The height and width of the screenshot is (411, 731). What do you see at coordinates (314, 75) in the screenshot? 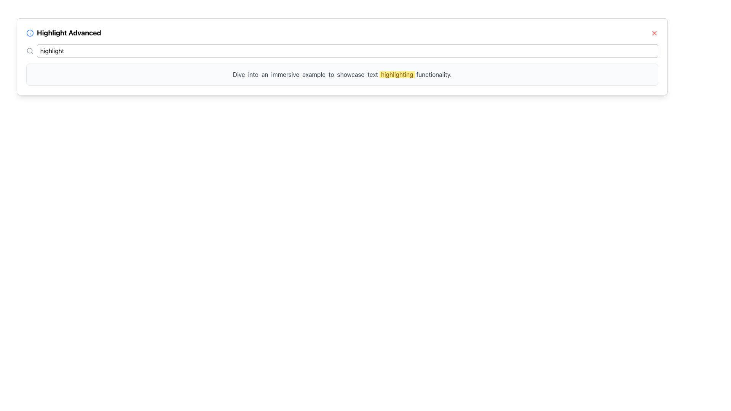
I see `the static text element that is the fifth word in the sentence starting with 'Dive into an immersive', which contributes to informational content about text highlighting functionality` at bounding box center [314, 75].